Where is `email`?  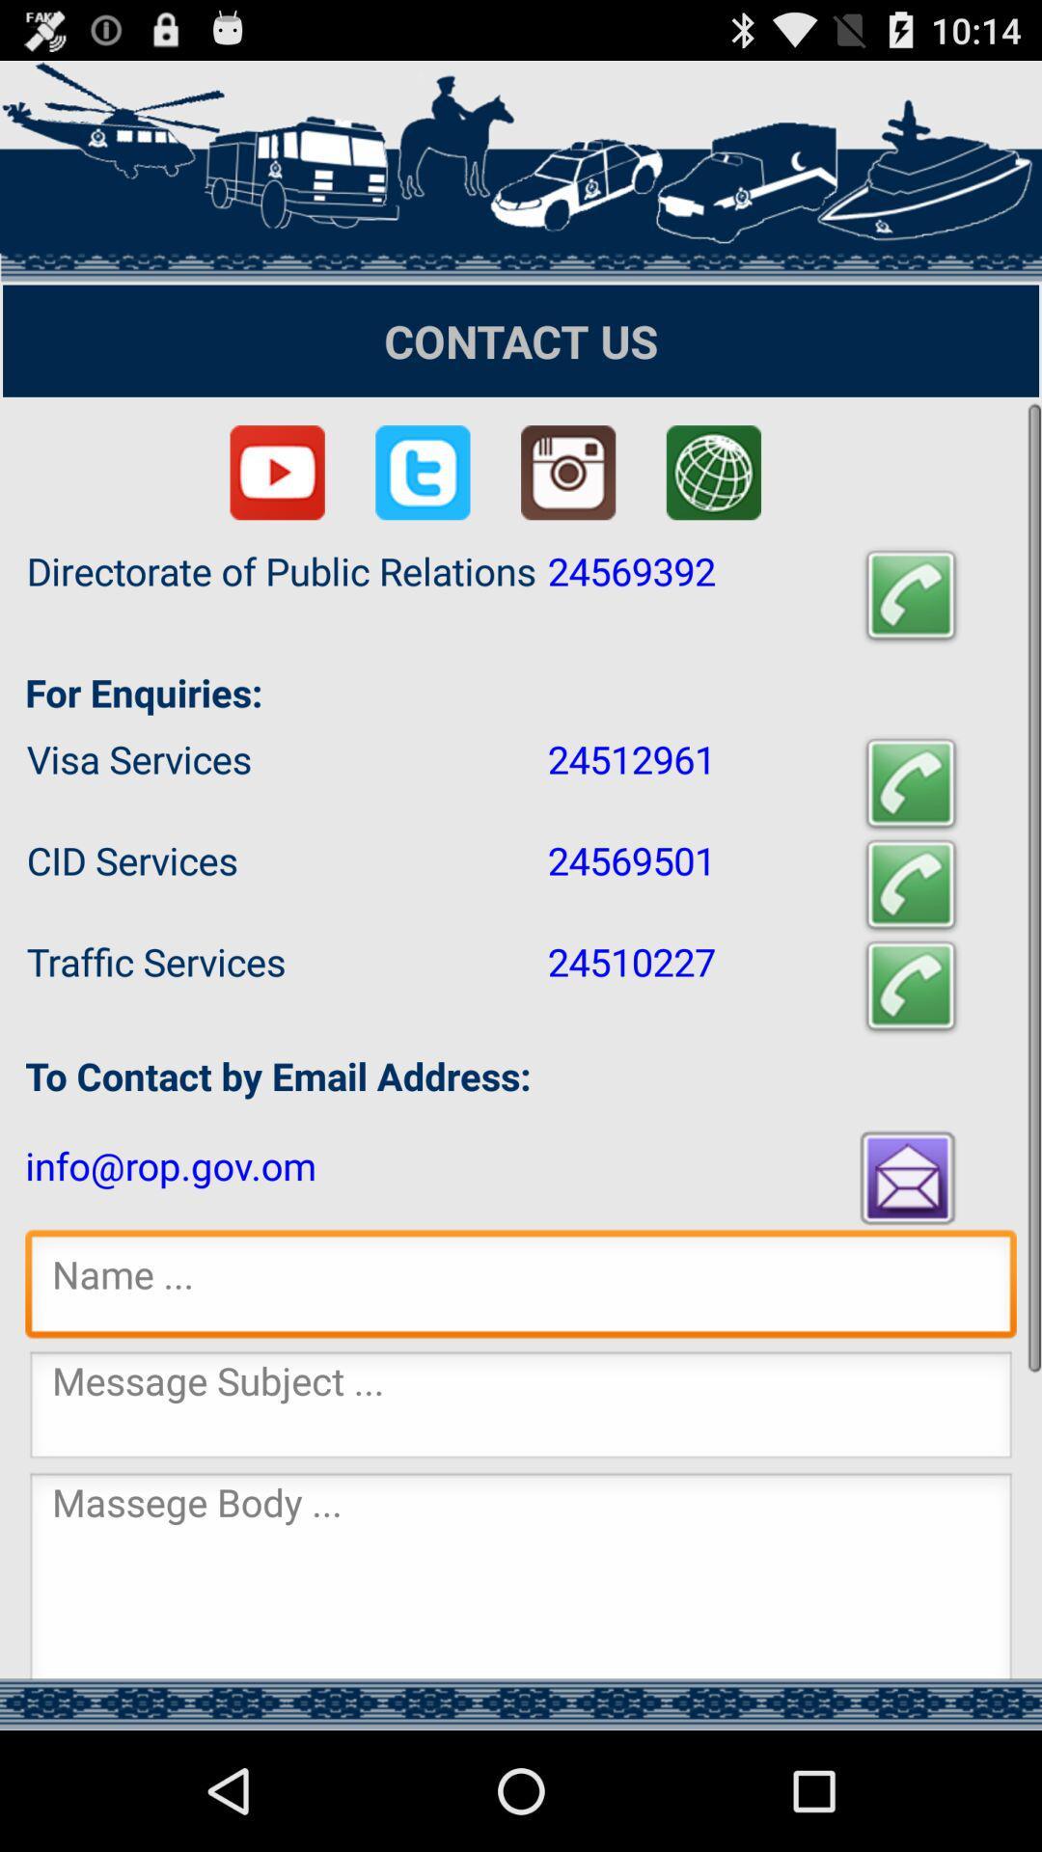
email is located at coordinates (910, 1176).